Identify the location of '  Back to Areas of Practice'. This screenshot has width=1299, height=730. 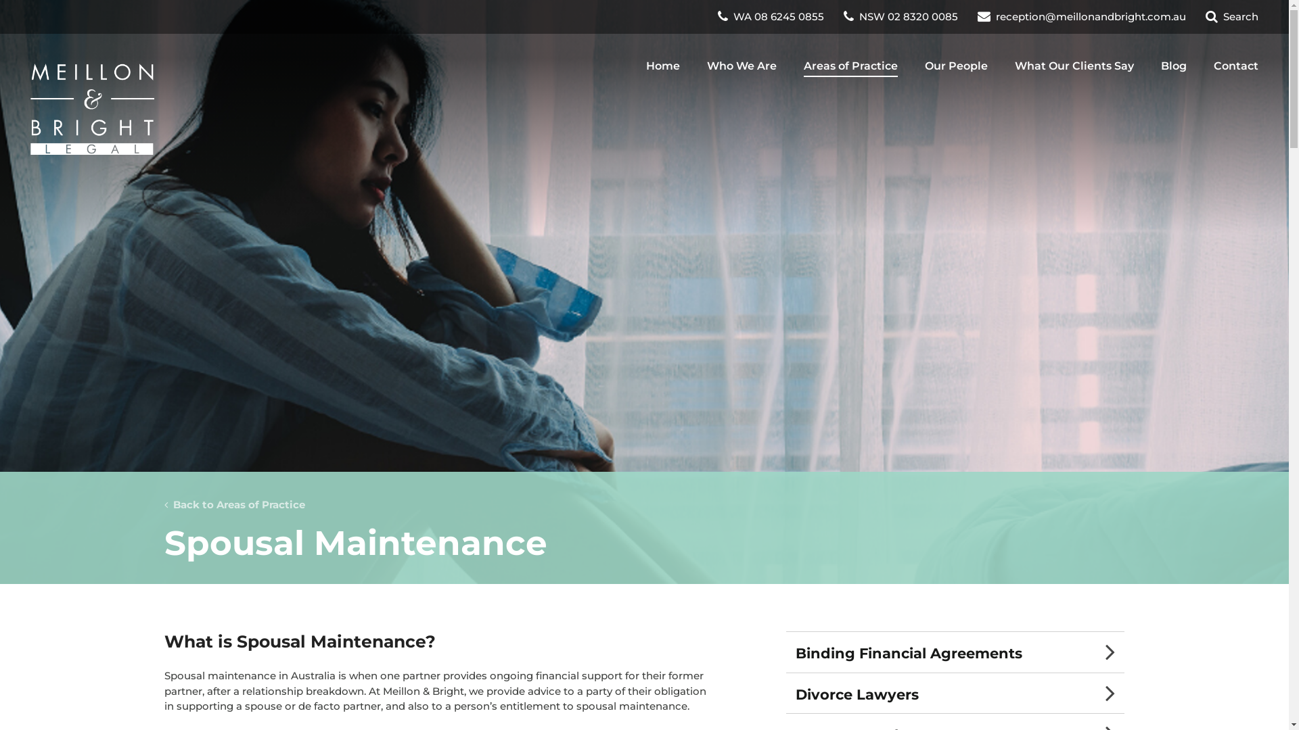
(233, 505).